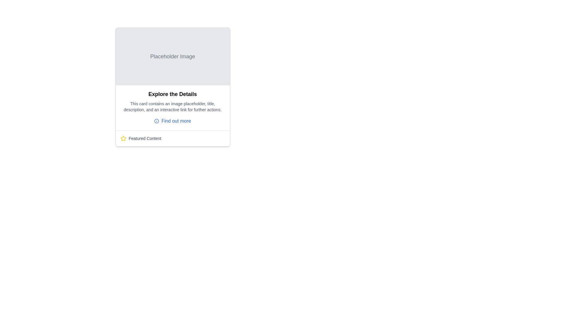  I want to click on the text block with a light gray font located below the 'Explore the Details' heading and above the 'Find out more' link, so click(172, 106).